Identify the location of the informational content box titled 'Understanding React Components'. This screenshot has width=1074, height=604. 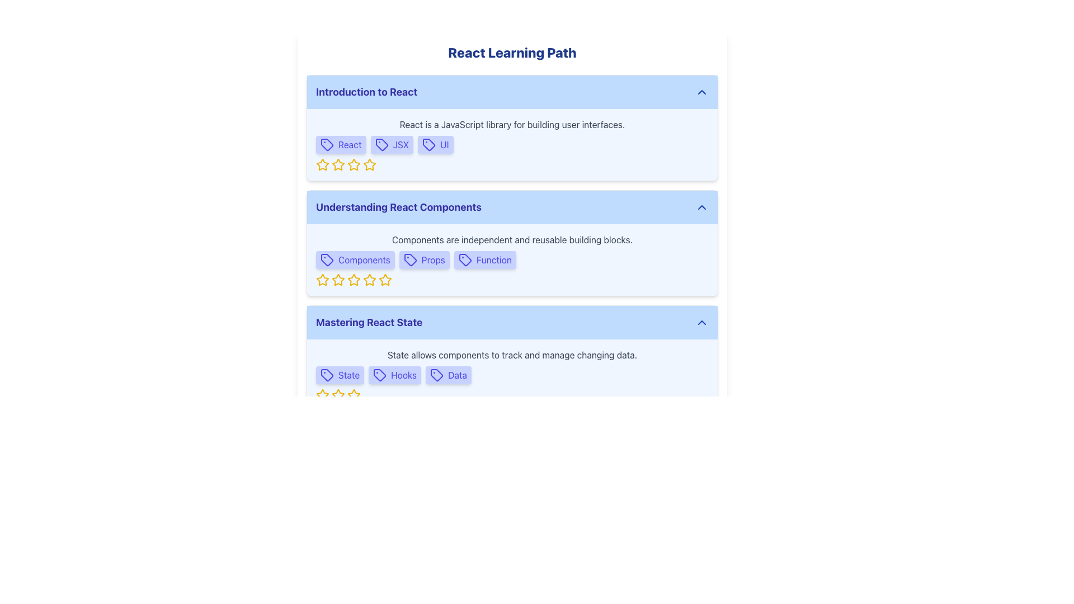
(512, 243).